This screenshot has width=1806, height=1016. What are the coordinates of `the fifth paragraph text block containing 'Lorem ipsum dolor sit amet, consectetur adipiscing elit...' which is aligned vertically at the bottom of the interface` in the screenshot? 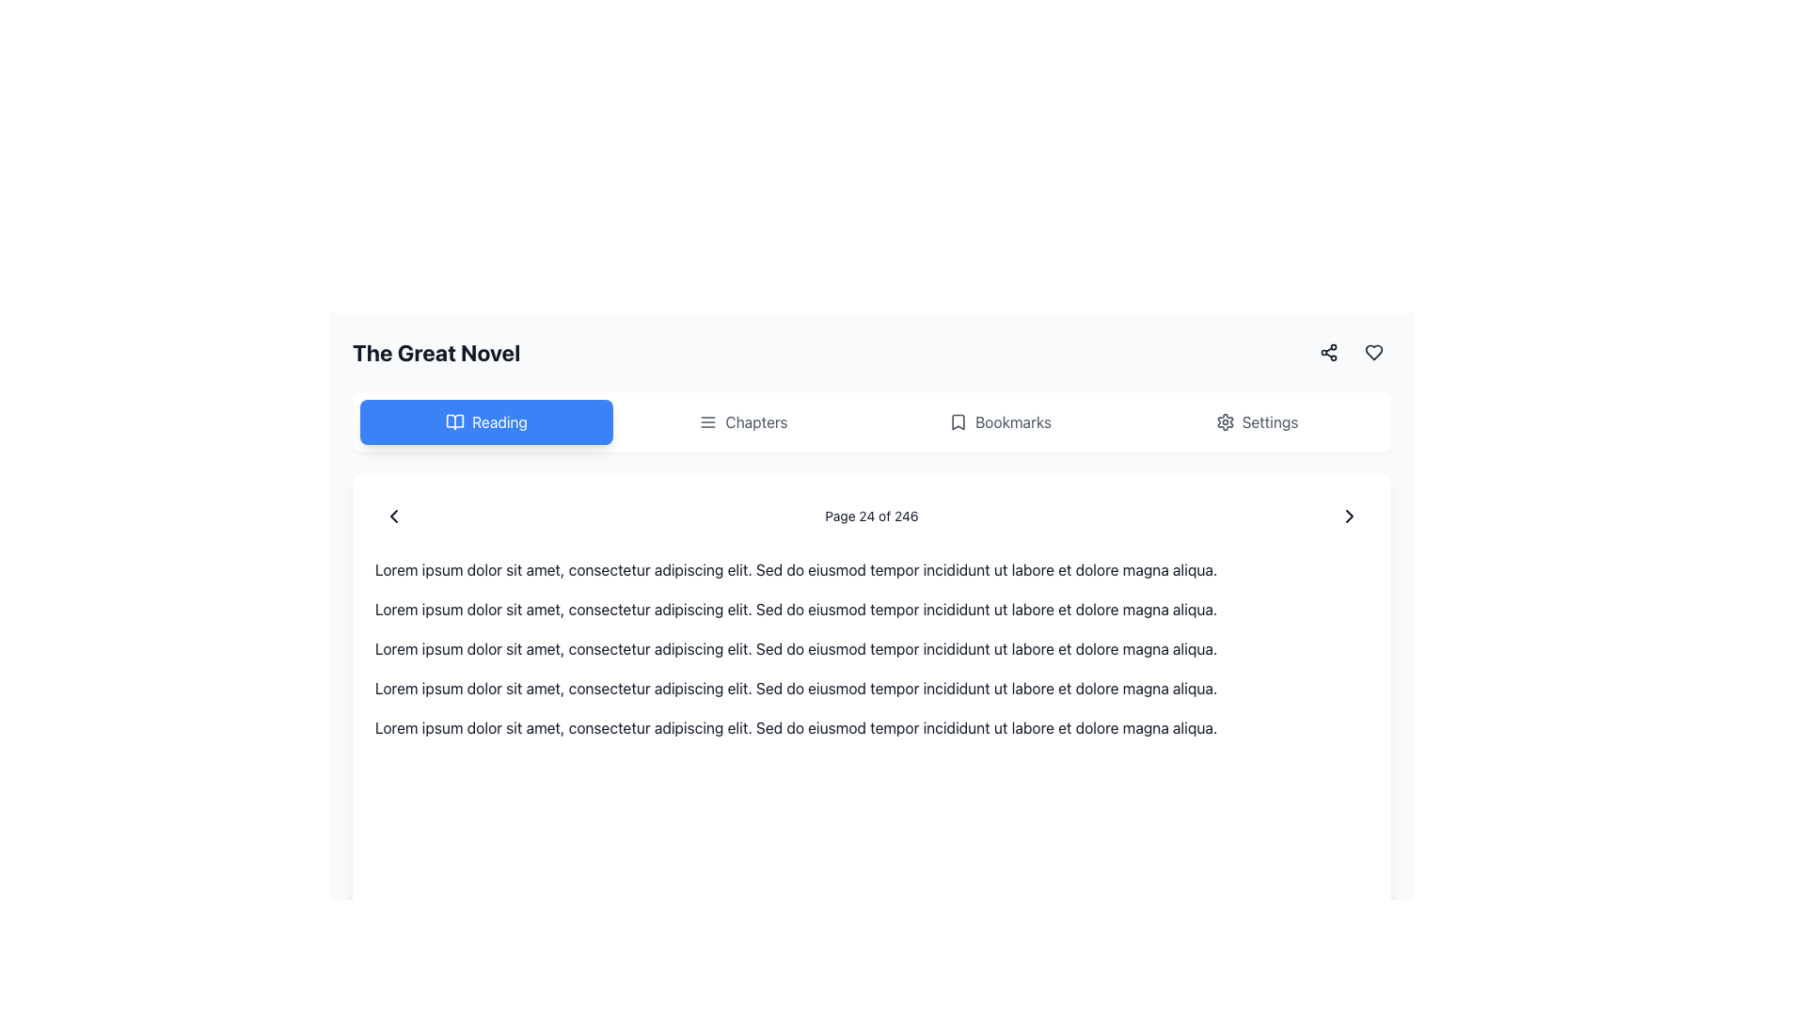 It's located at (870, 727).